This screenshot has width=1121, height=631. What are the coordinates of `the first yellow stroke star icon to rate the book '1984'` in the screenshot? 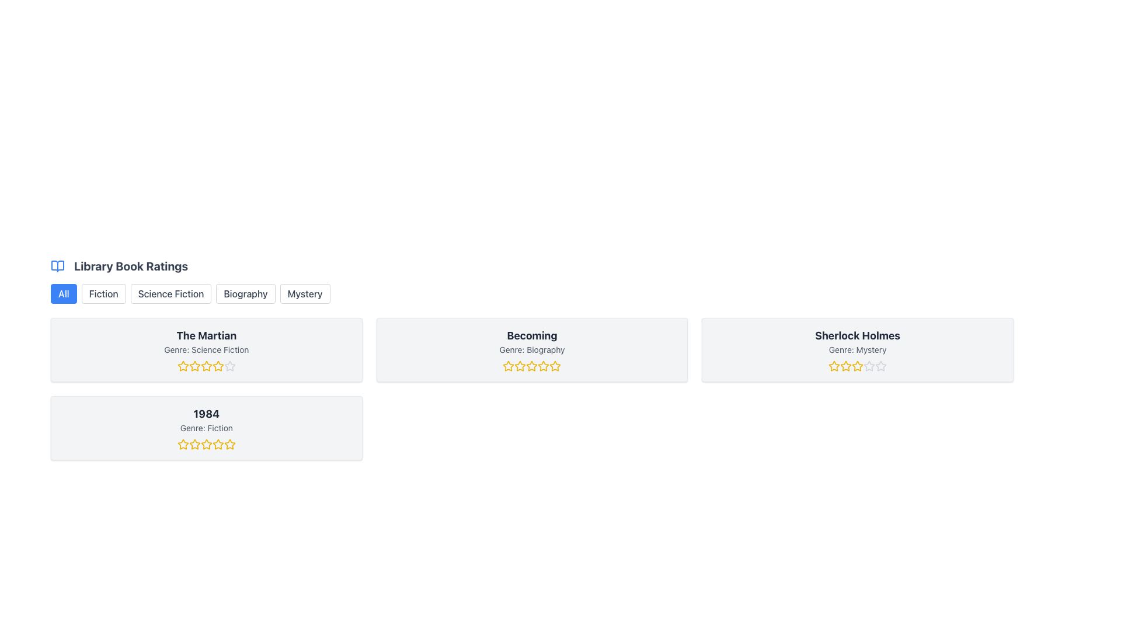 It's located at (182, 444).